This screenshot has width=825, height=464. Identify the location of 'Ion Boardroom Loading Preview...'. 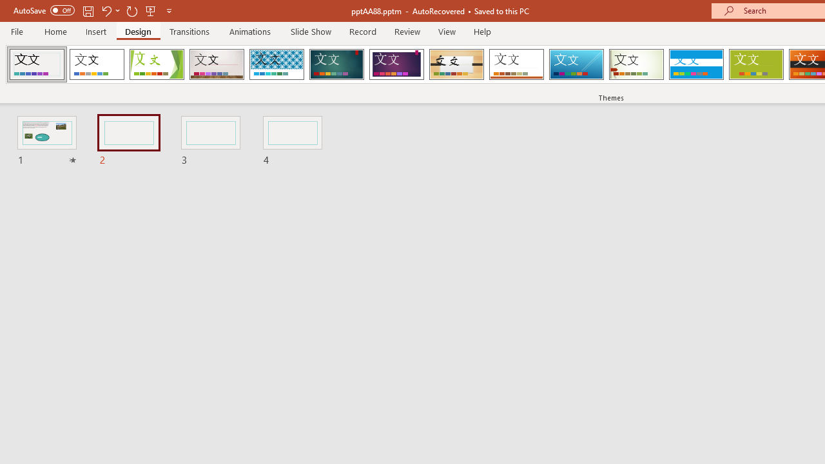
(396, 64).